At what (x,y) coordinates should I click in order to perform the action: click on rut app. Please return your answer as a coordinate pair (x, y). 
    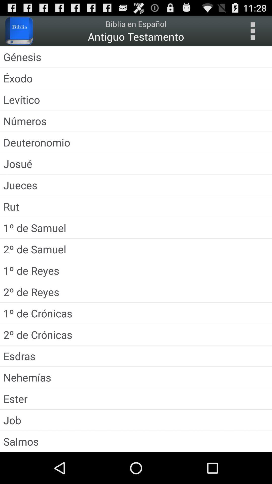
    Looking at the image, I should click on (136, 206).